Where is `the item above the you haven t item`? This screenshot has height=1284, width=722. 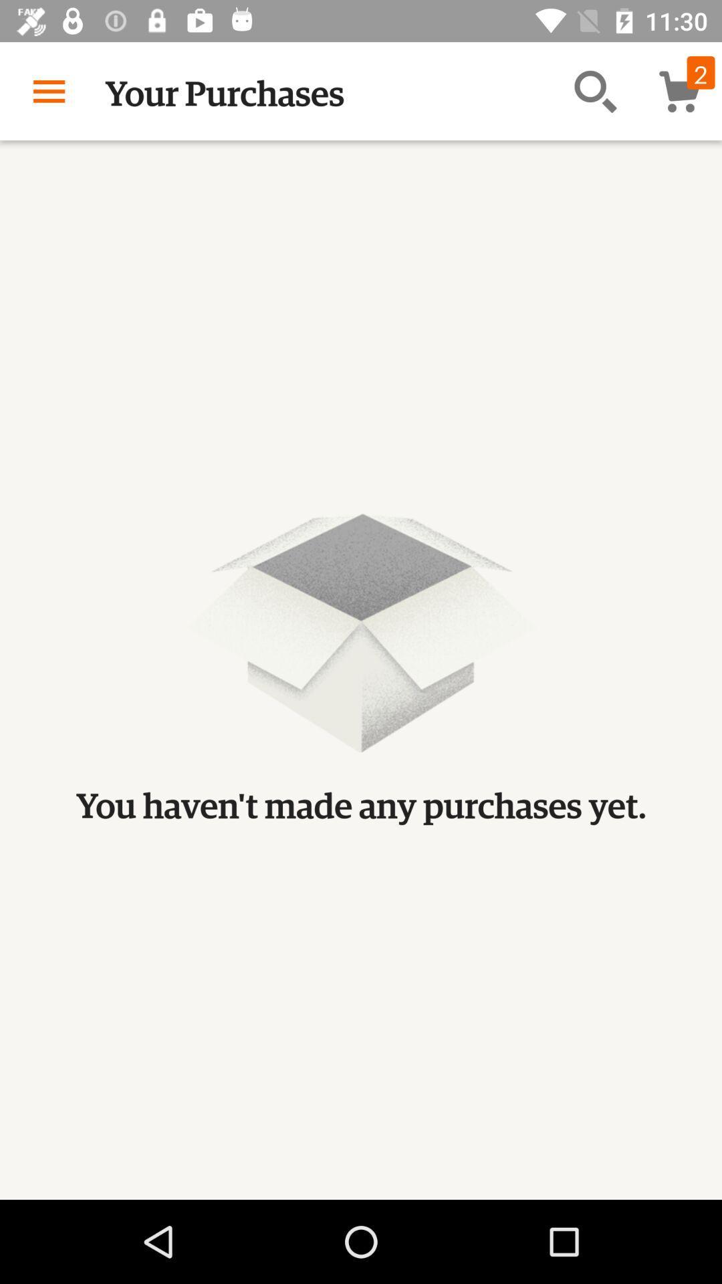
the item above the you haven t item is located at coordinates (595, 90).